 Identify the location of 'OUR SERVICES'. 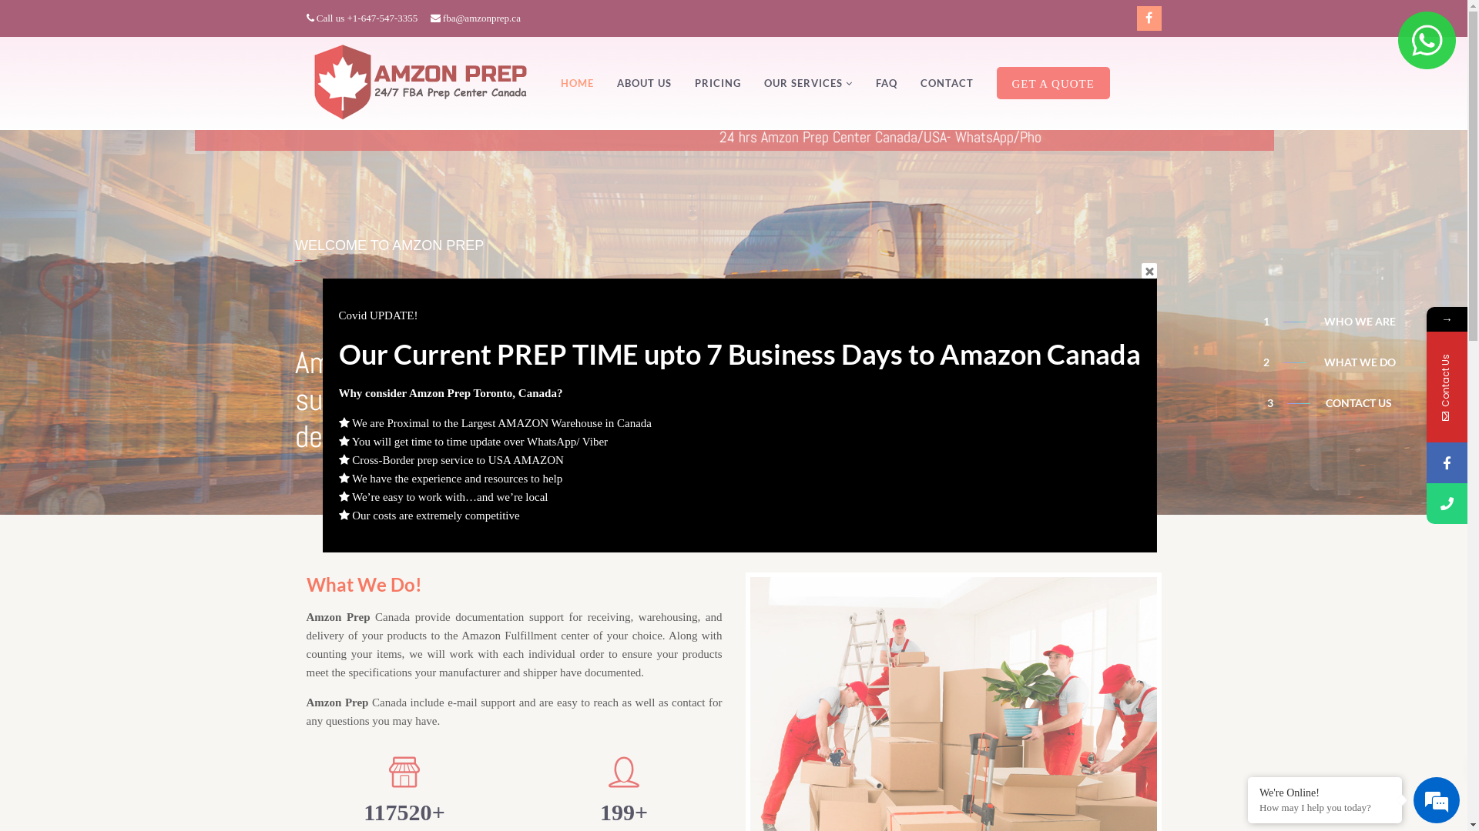
(764, 83).